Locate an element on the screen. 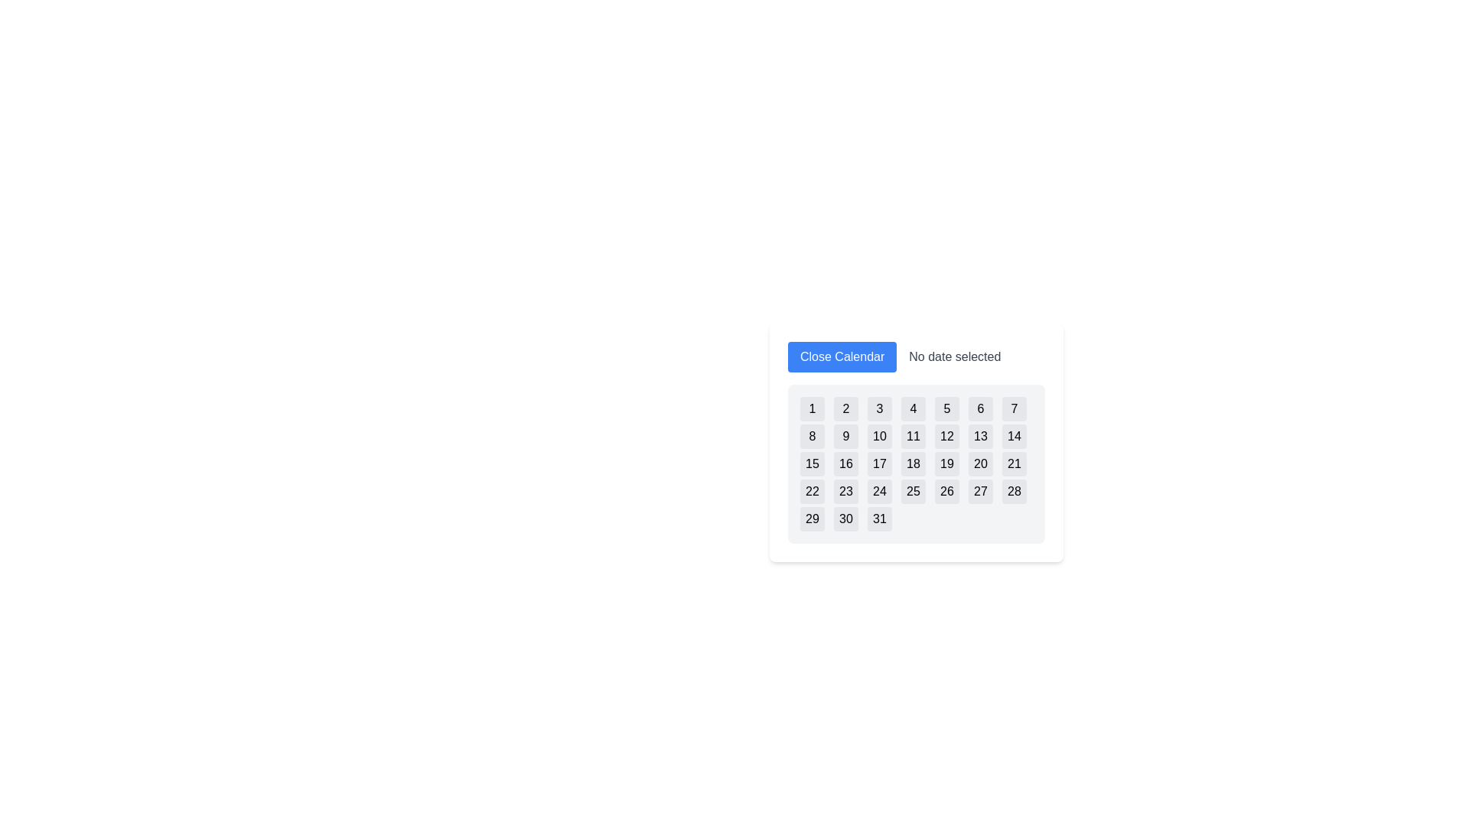 This screenshot has width=1469, height=826. the square-shaped button displaying the number '28' in the center of the calendar grid is located at coordinates (1014, 492).